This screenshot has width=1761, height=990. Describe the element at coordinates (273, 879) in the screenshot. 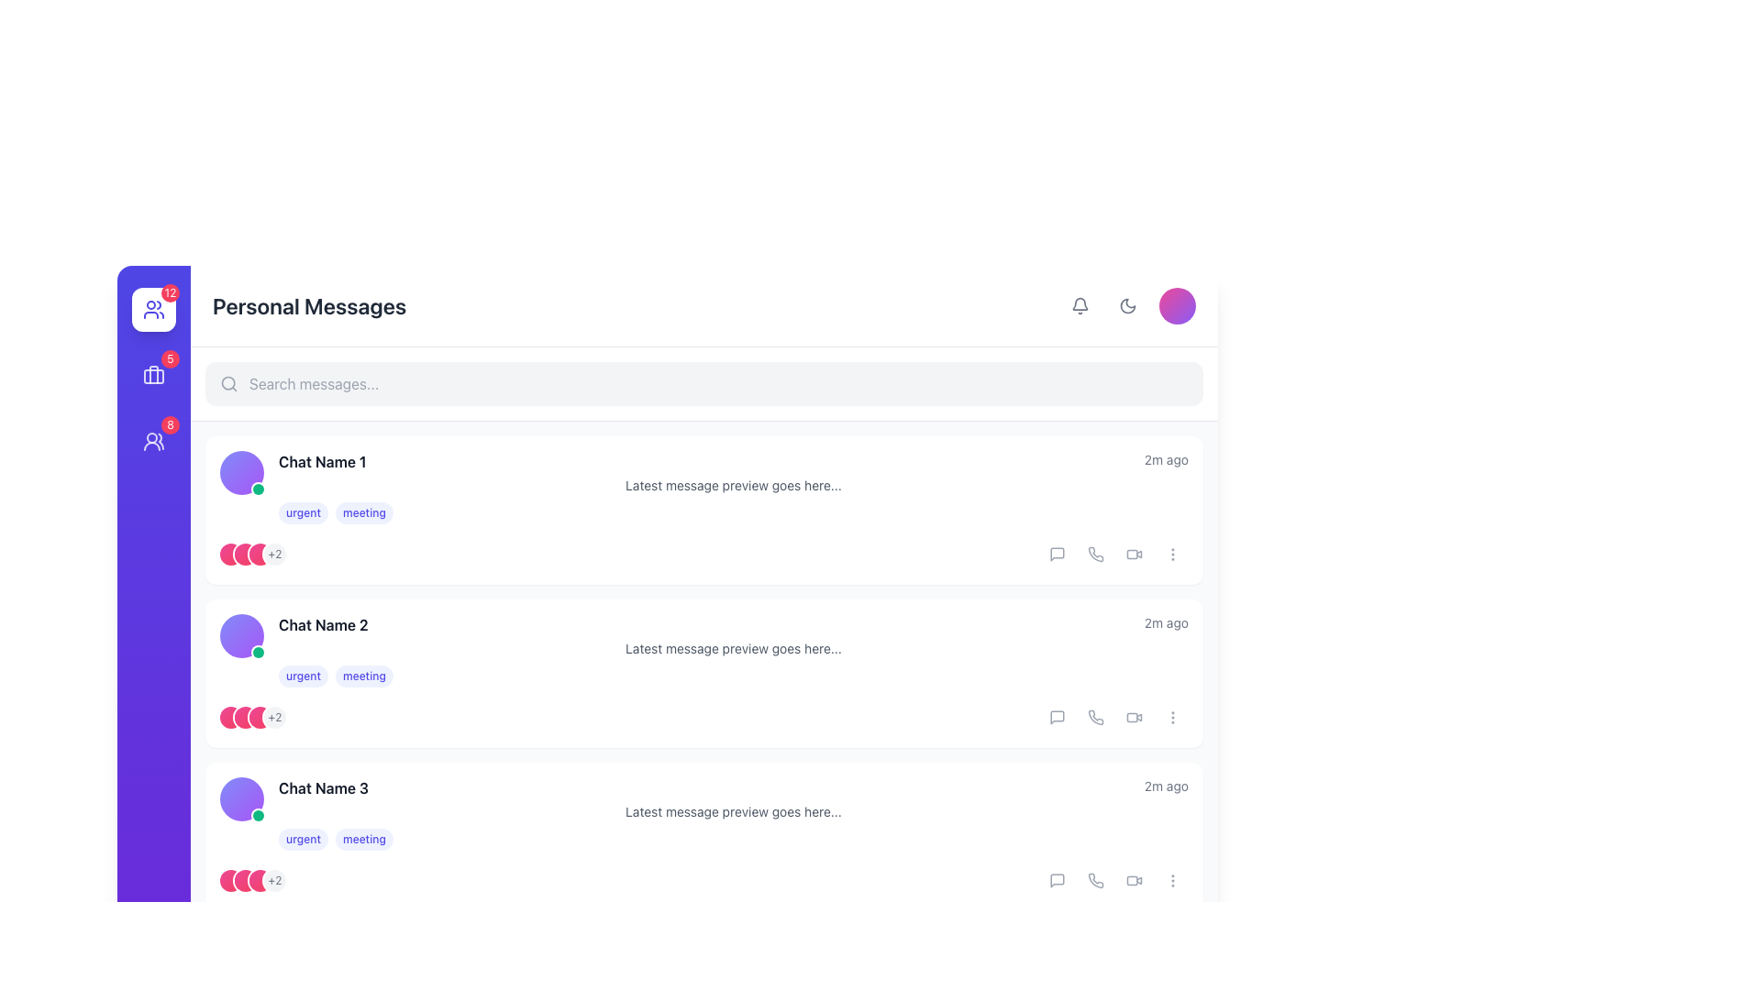

I see `the Text Indicator representing additional participants in the 'Chat Name 3' section if it is enabled for further details` at that location.